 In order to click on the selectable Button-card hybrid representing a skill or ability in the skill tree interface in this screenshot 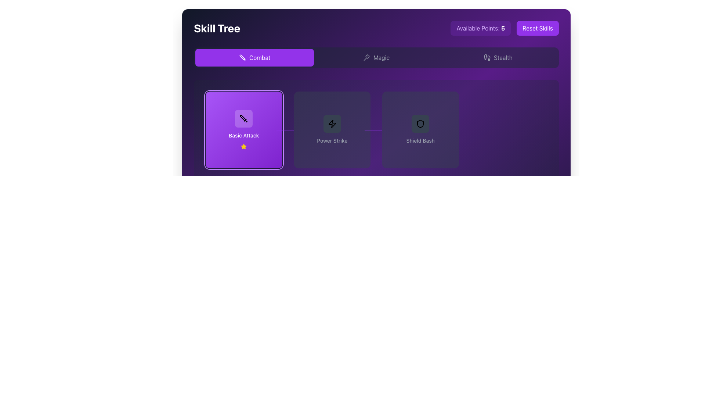, I will do `click(332, 129)`.